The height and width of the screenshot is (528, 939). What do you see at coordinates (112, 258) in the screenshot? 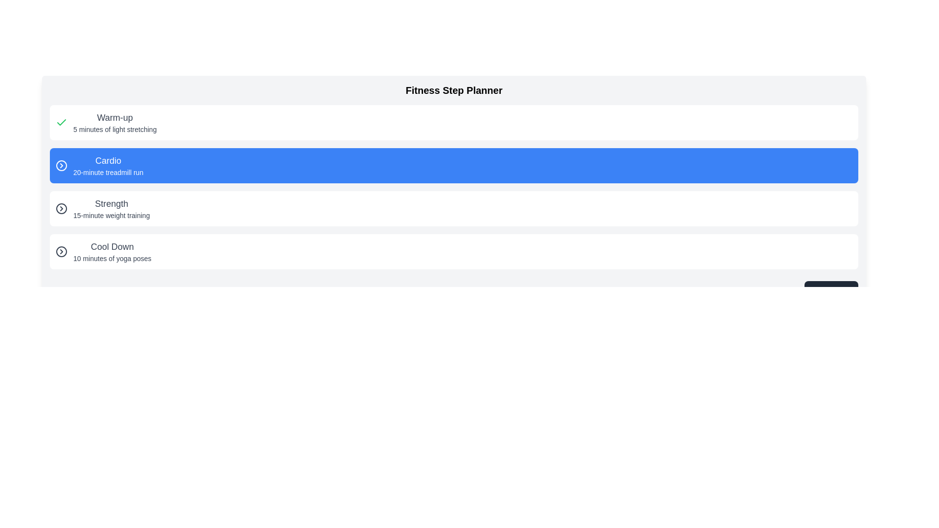
I see `descriptive text label located in the 'Cool Down' section, which provides information about '10 minutes of yoga poses'` at bounding box center [112, 258].